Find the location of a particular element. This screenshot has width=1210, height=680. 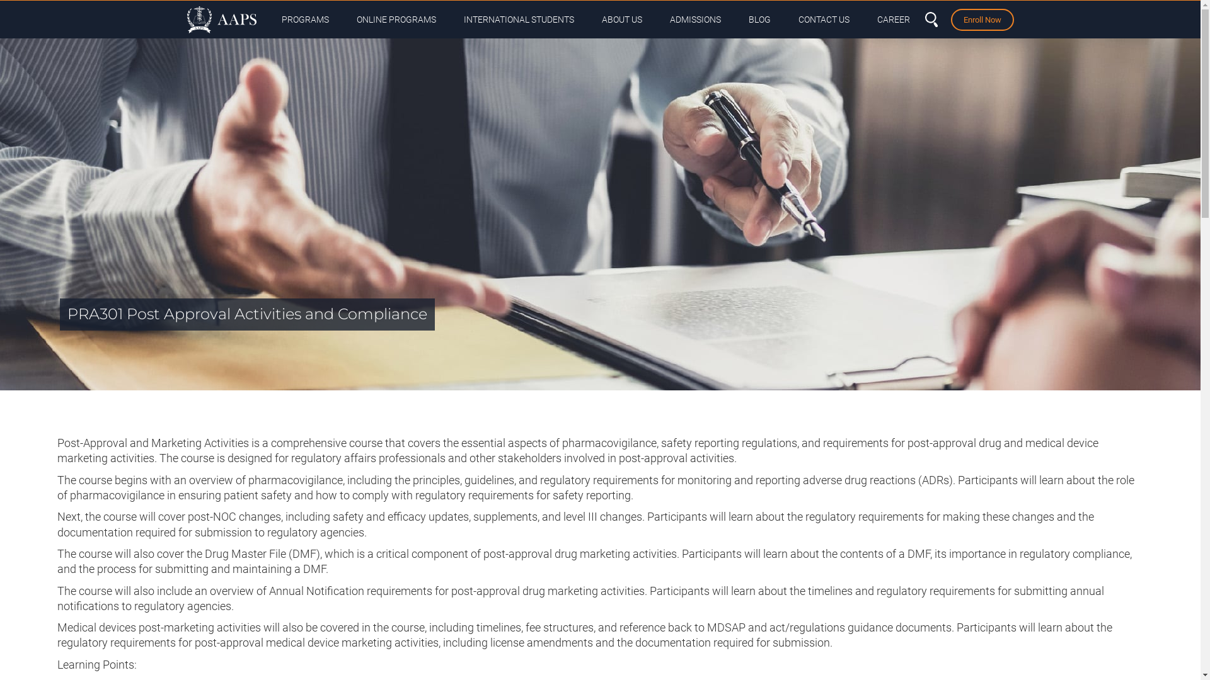

'CONTACT US' is located at coordinates (823, 19).